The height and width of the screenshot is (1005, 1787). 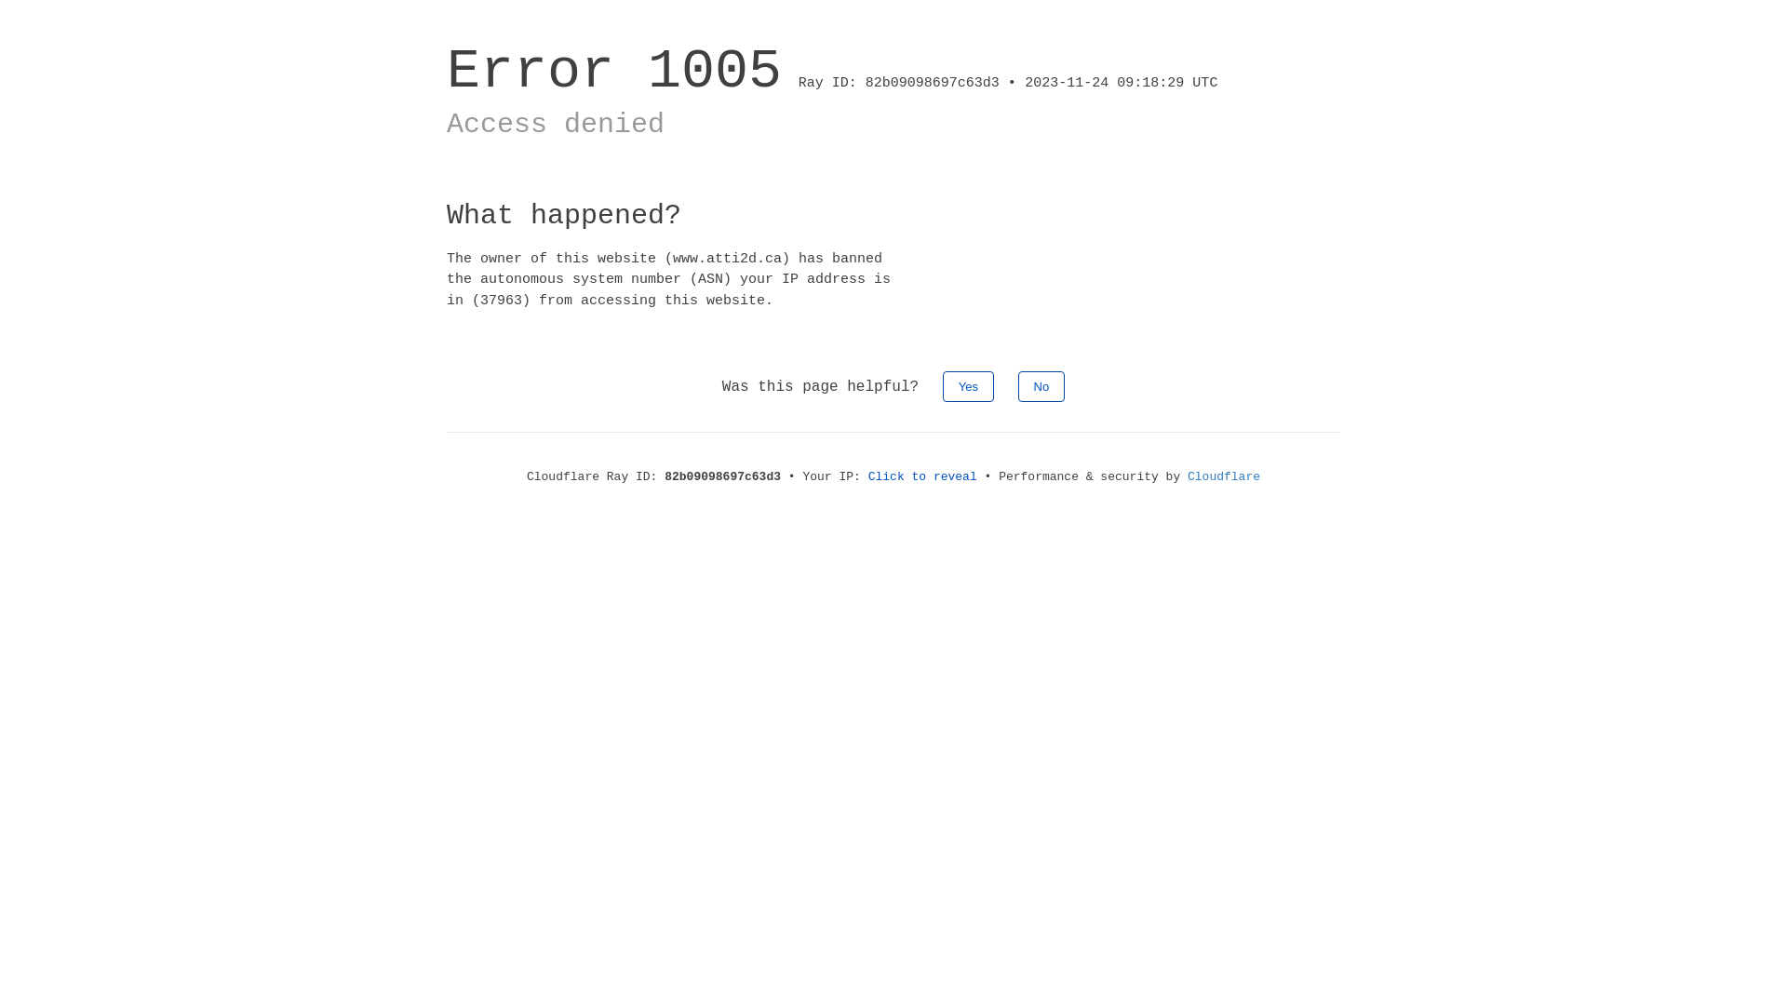 What do you see at coordinates (968, 385) in the screenshot?
I see `'Yes'` at bounding box center [968, 385].